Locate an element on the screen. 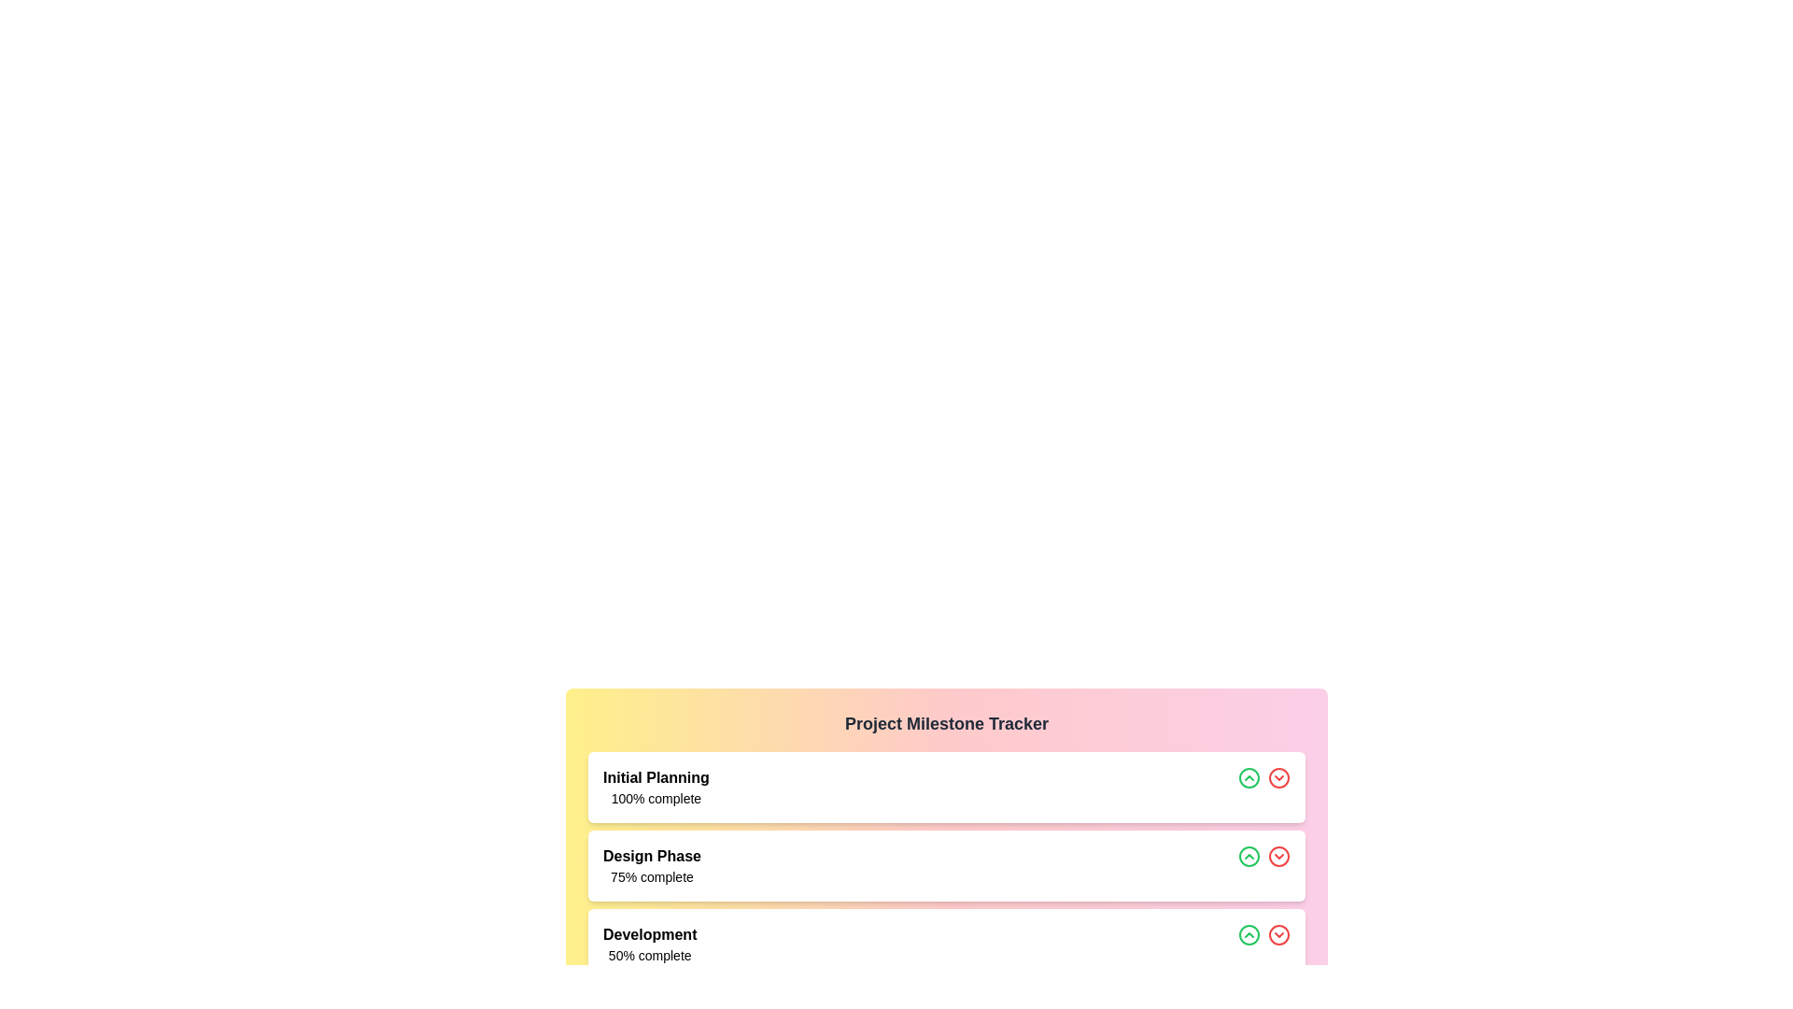  the first button in the control section at the right of the 'Development' milestone is located at coordinates (1249, 935).